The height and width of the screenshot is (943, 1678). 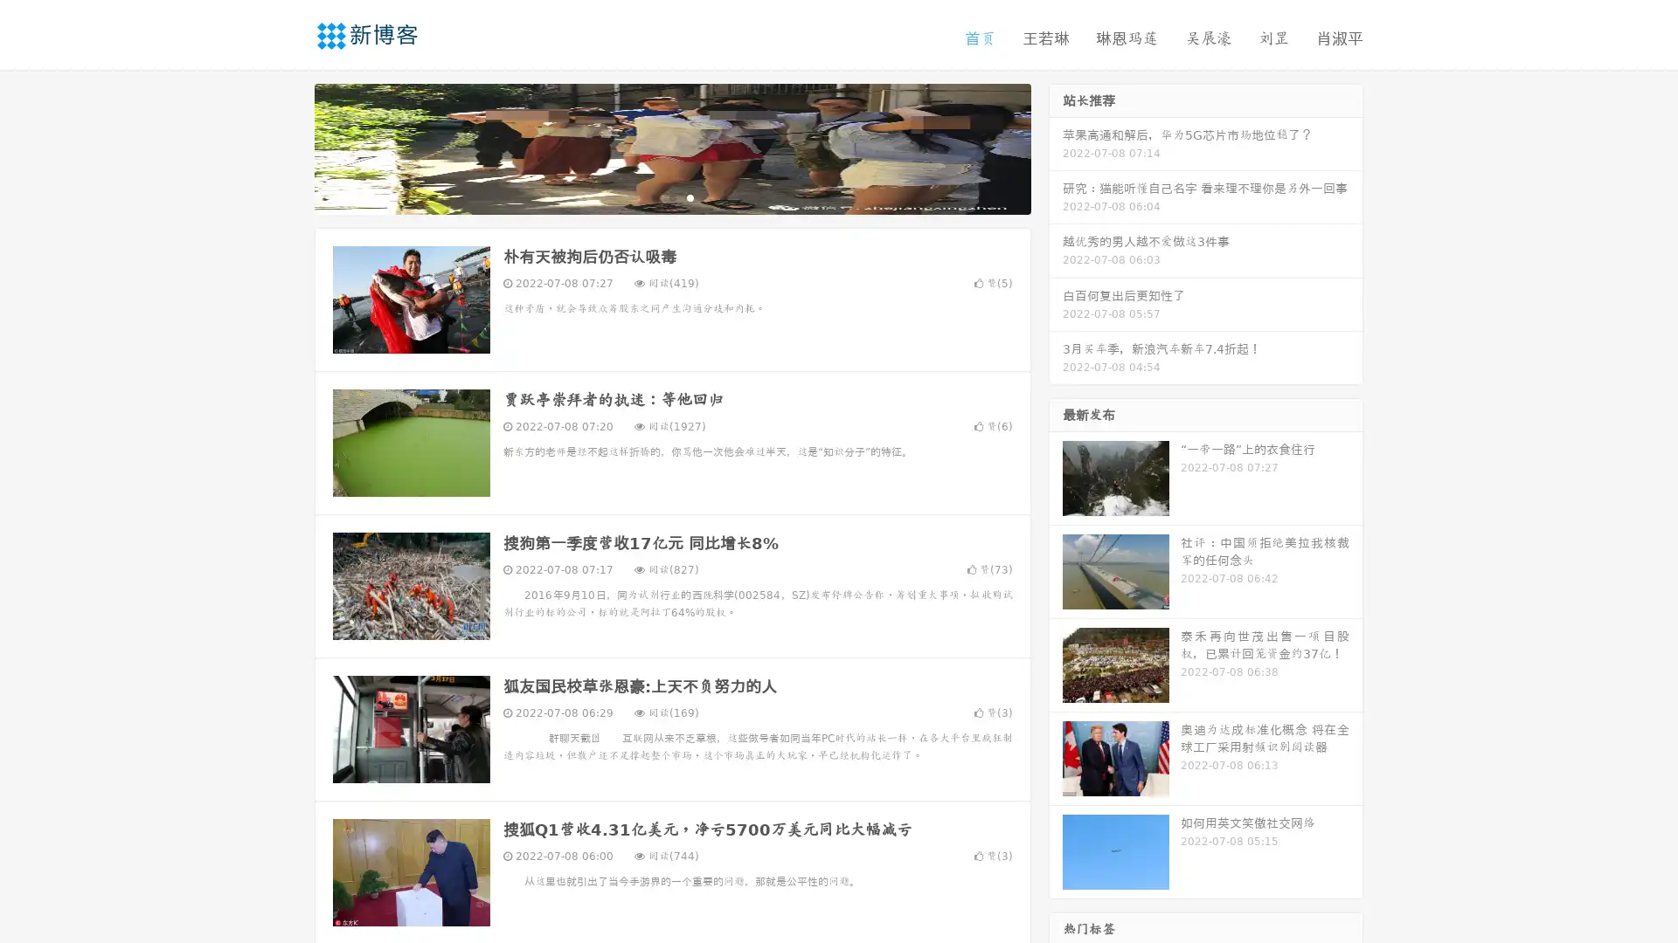 I want to click on Previous slide, so click(x=288, y=147).